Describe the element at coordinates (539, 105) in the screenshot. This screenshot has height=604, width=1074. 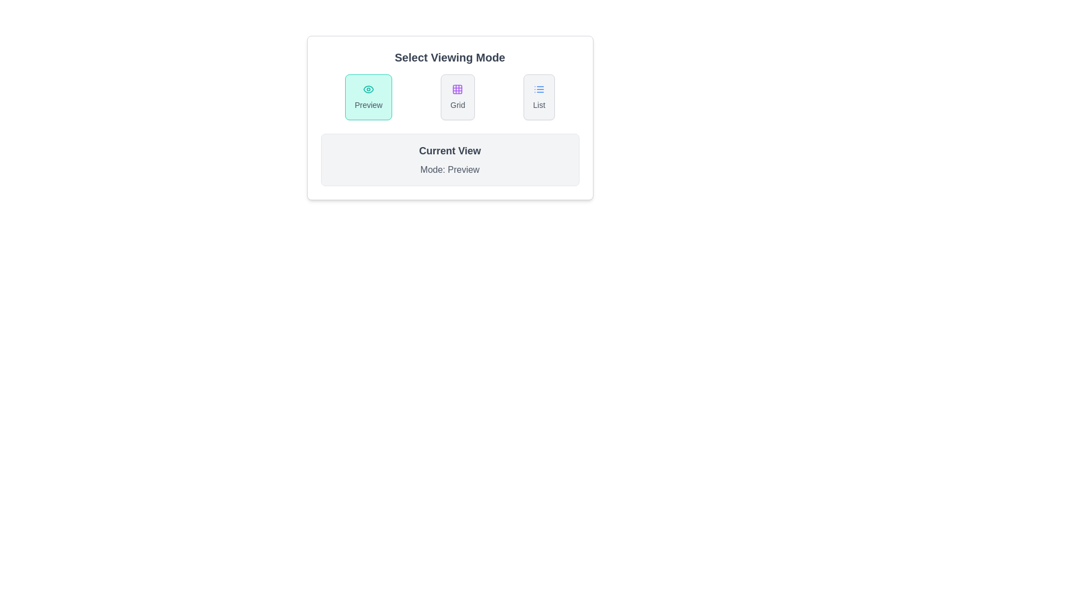
I see `the label located below the 'list' icon, which describes the associated clickable button for switching or selecting a 'list' viewing mode` at that location.